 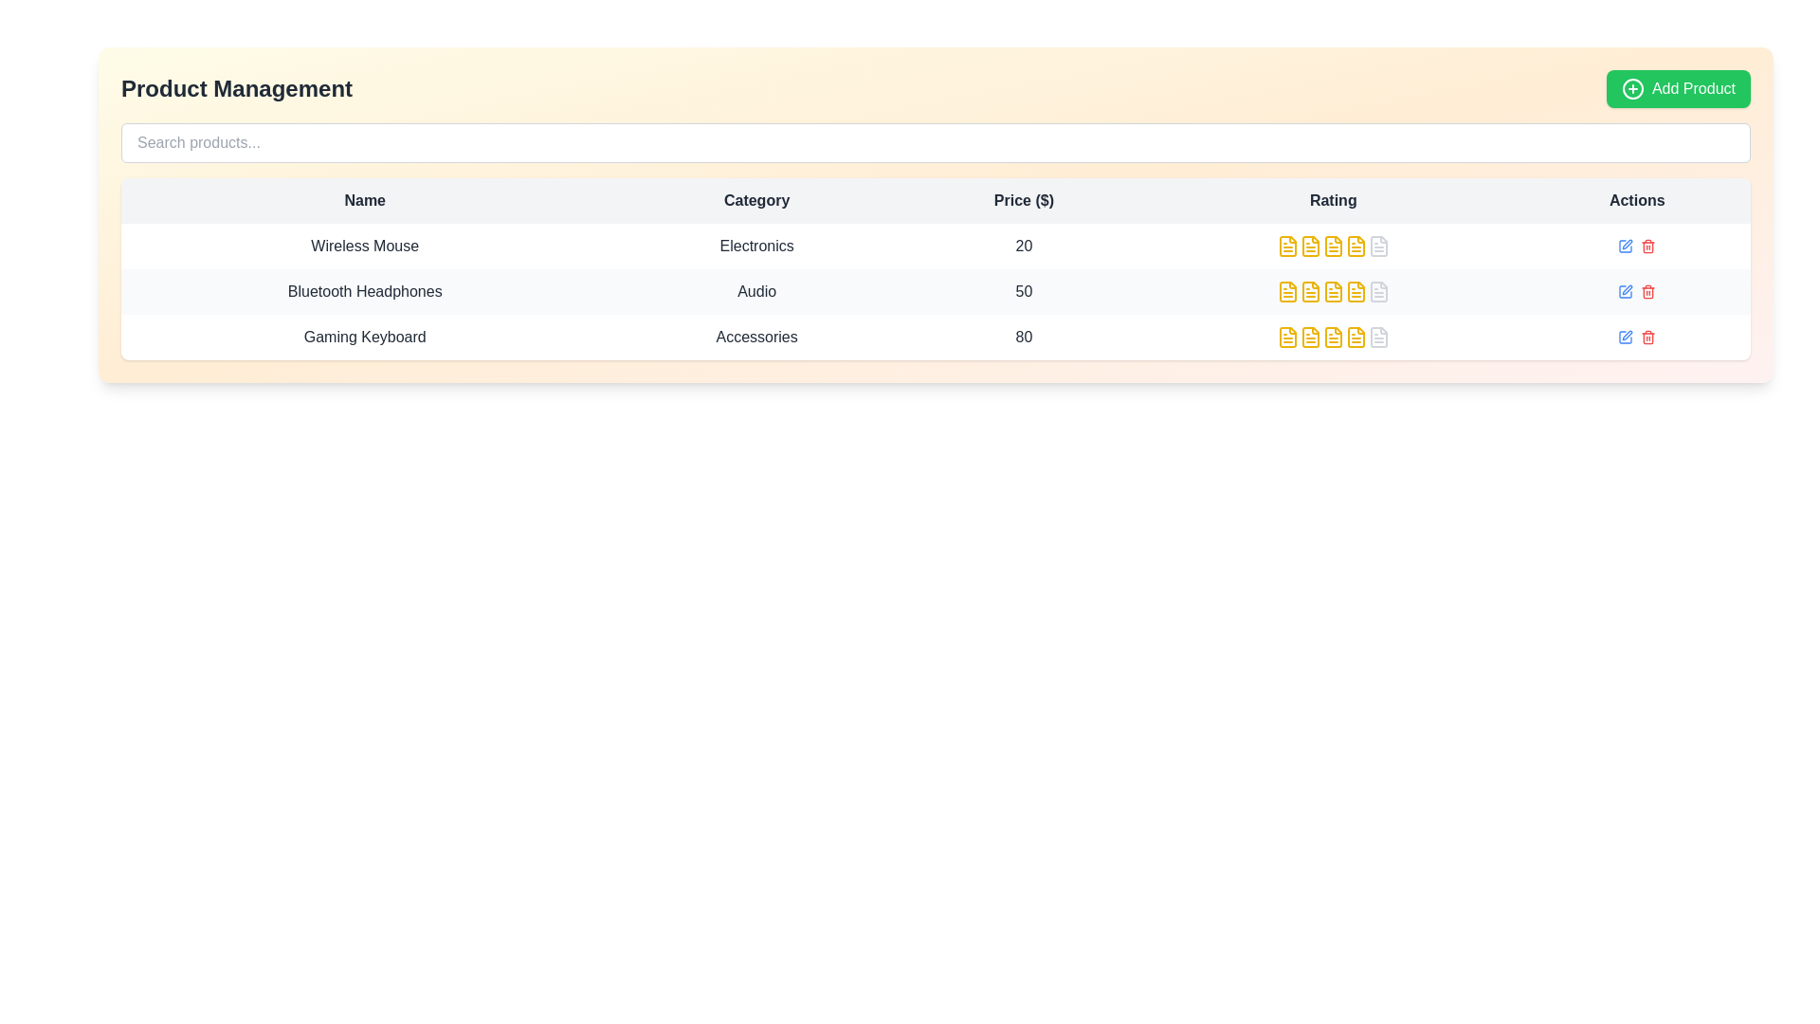 I want to click on the state of the fourth star icon in the 'Rating' column for the 'Gaming Keyboard' product in the 'Product Management' table, so click(x=1332, y=336).